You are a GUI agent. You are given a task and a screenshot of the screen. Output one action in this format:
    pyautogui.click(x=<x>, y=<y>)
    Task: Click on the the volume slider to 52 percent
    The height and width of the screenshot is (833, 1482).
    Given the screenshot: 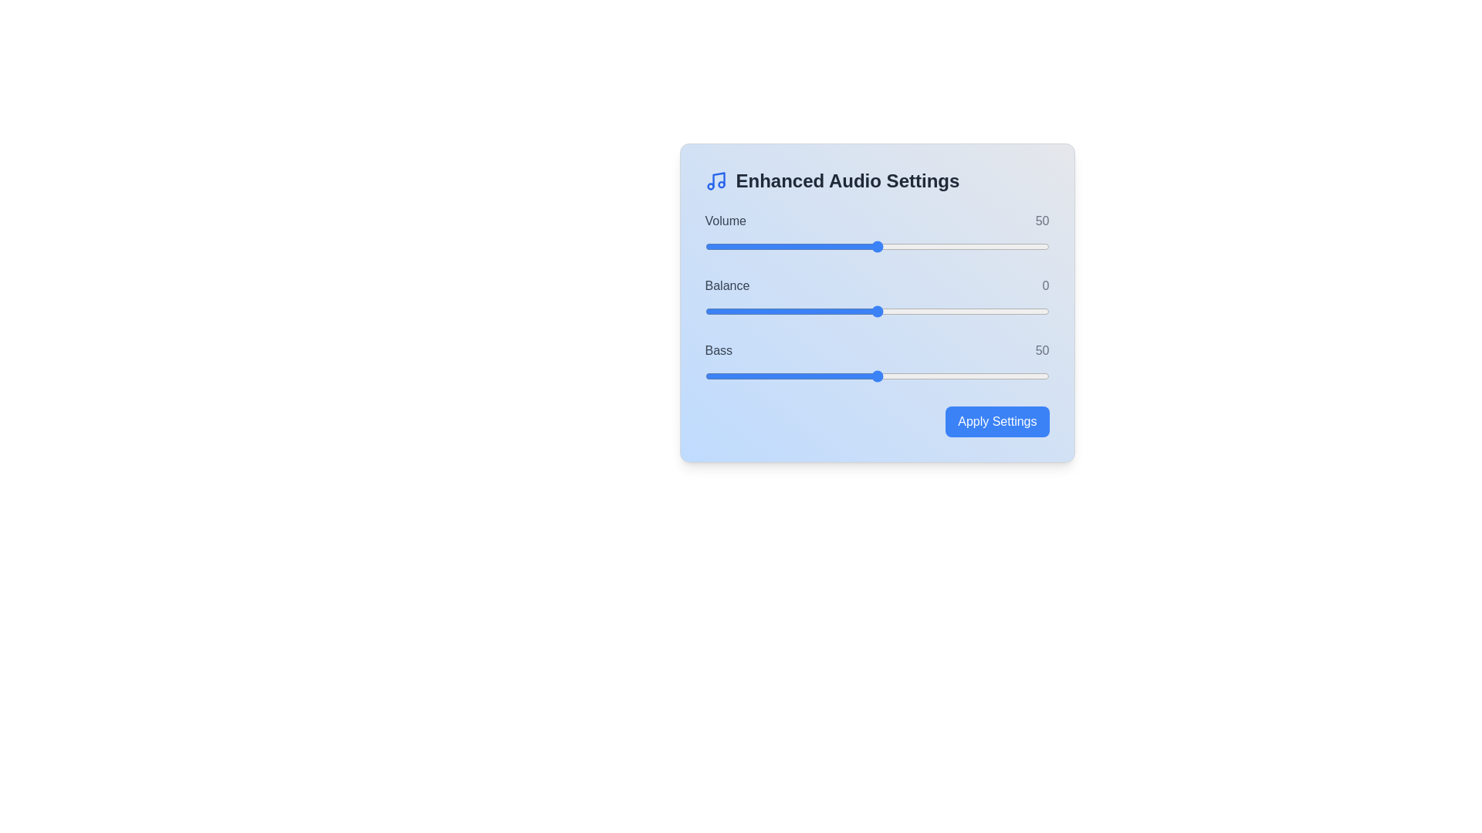 What is the action you would take?
    pyautogui.click(x=884, y=246)
    